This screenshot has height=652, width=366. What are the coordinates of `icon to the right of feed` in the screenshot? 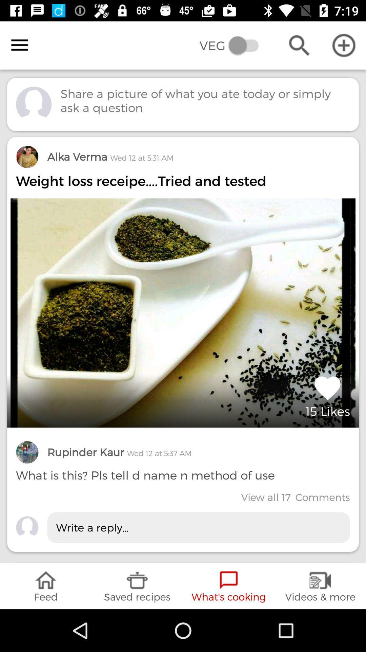 It's located at (137, 586).